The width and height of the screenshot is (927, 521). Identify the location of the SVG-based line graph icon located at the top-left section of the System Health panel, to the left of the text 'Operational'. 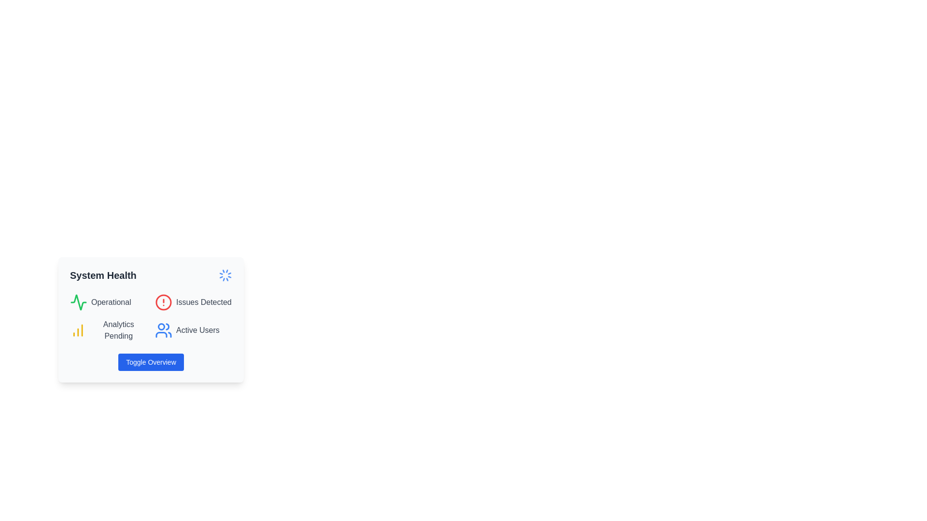
(79, 302).